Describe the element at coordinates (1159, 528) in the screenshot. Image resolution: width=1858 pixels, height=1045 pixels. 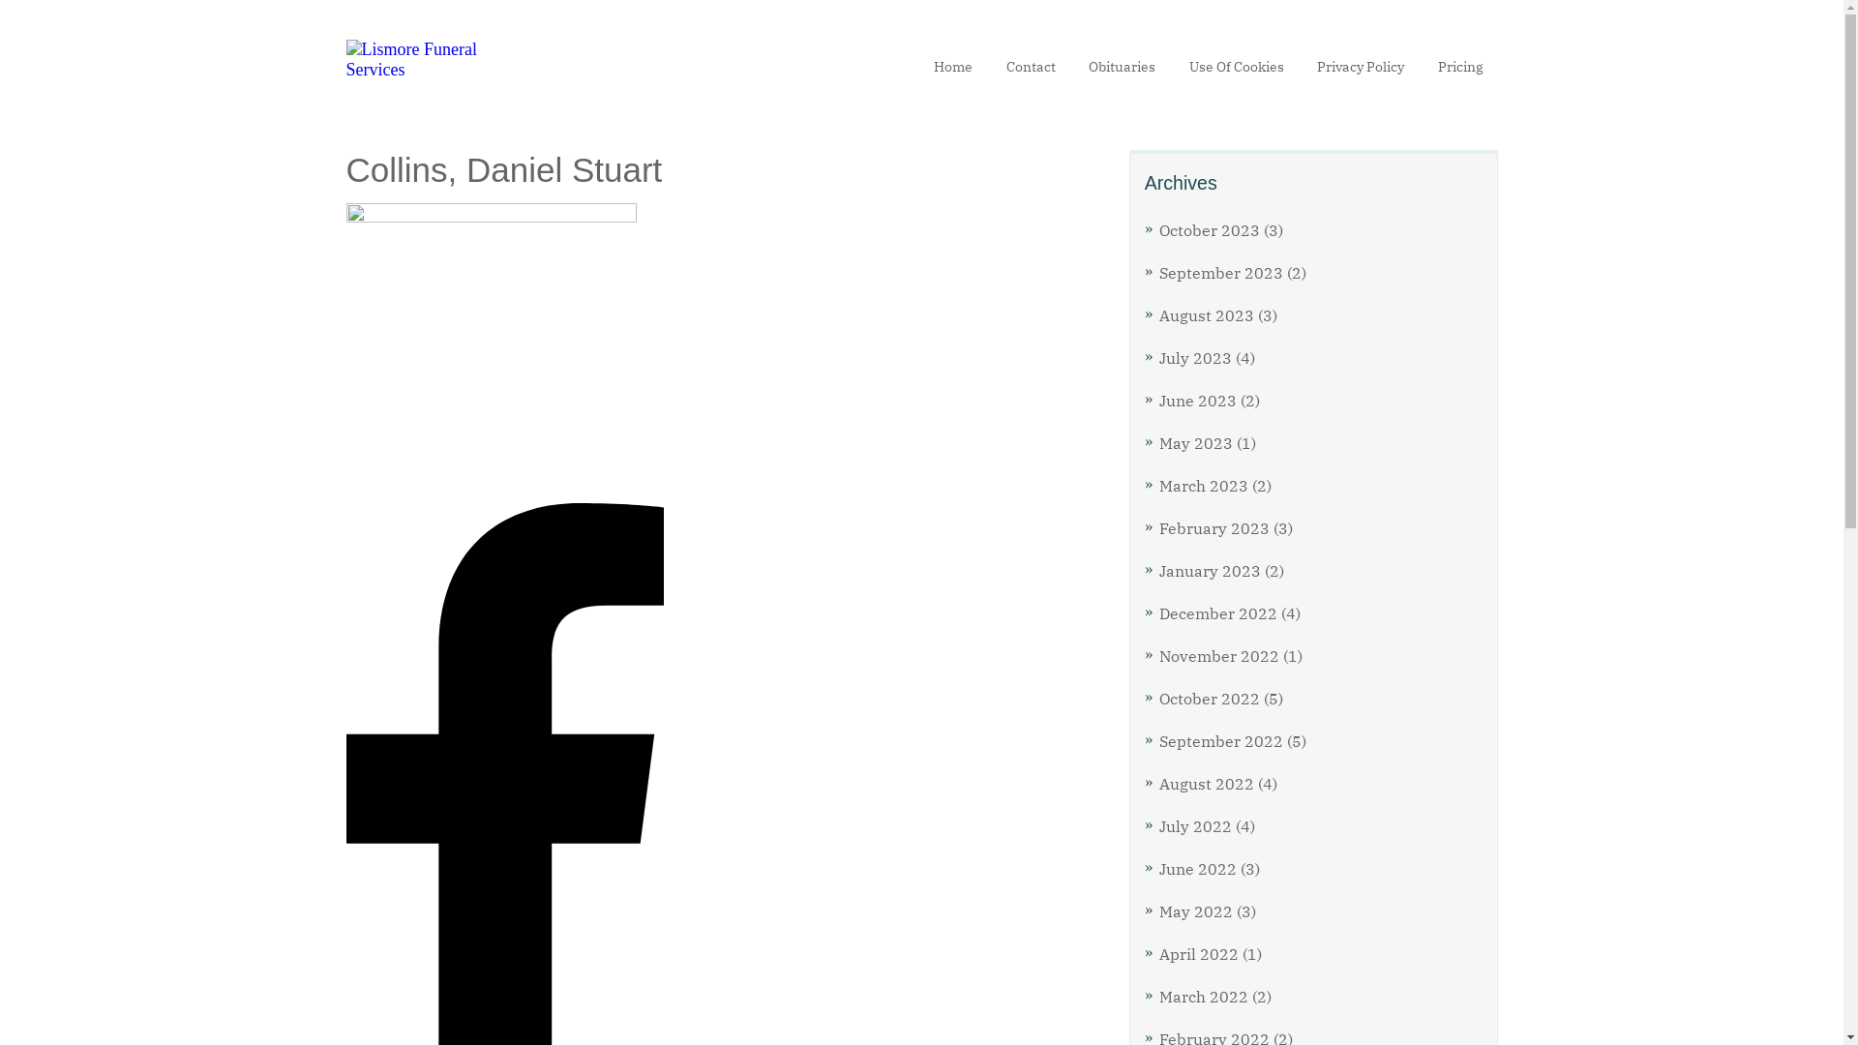
I see `'February 2023'` at that location.